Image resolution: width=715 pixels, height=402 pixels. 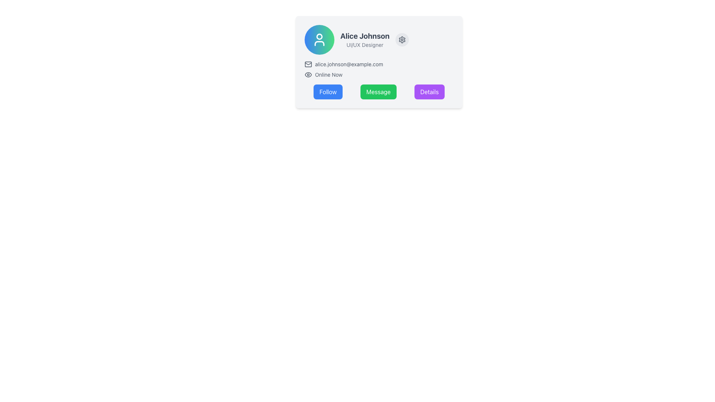 I want to click on the mail icon located in the second row of Alice Johnson's profile card, positioned to the left of the email address, so click(x=308, y=63).